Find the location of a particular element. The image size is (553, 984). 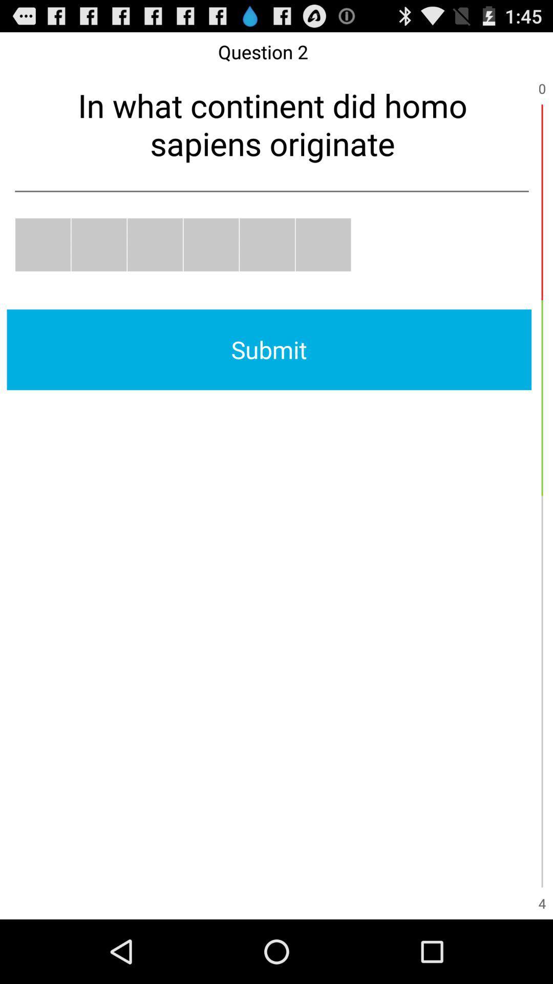

item to the right of in what continent item is located at coordinates (542, 202).